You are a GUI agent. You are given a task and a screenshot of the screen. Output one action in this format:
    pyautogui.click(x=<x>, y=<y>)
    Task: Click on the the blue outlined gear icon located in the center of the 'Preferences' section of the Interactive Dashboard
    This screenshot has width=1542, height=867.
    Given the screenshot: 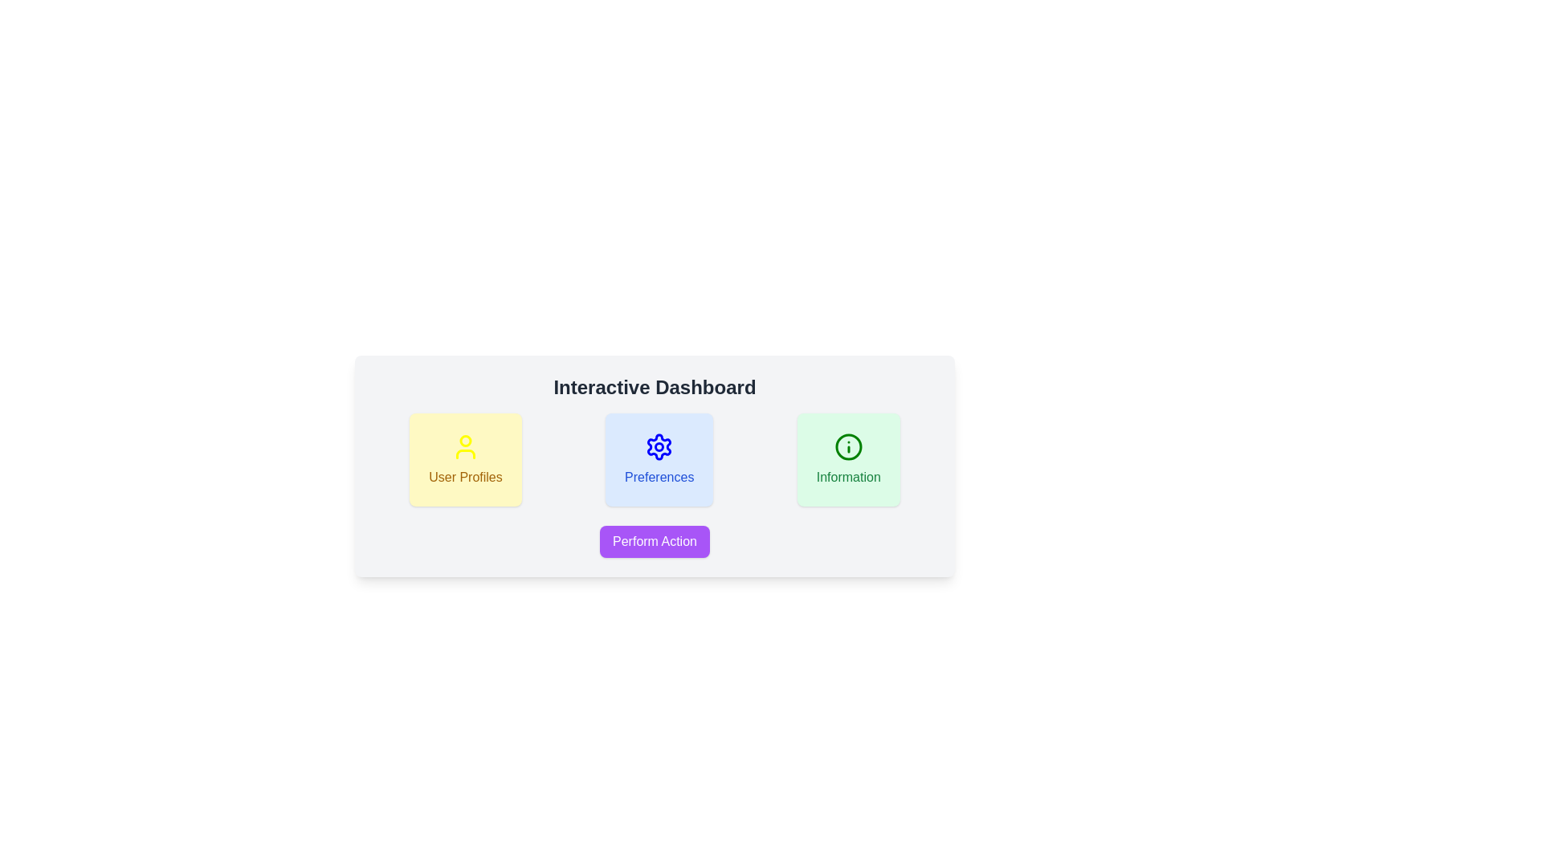 What is the action you would take?
    pyautogui.click(x=659, y=446)
    